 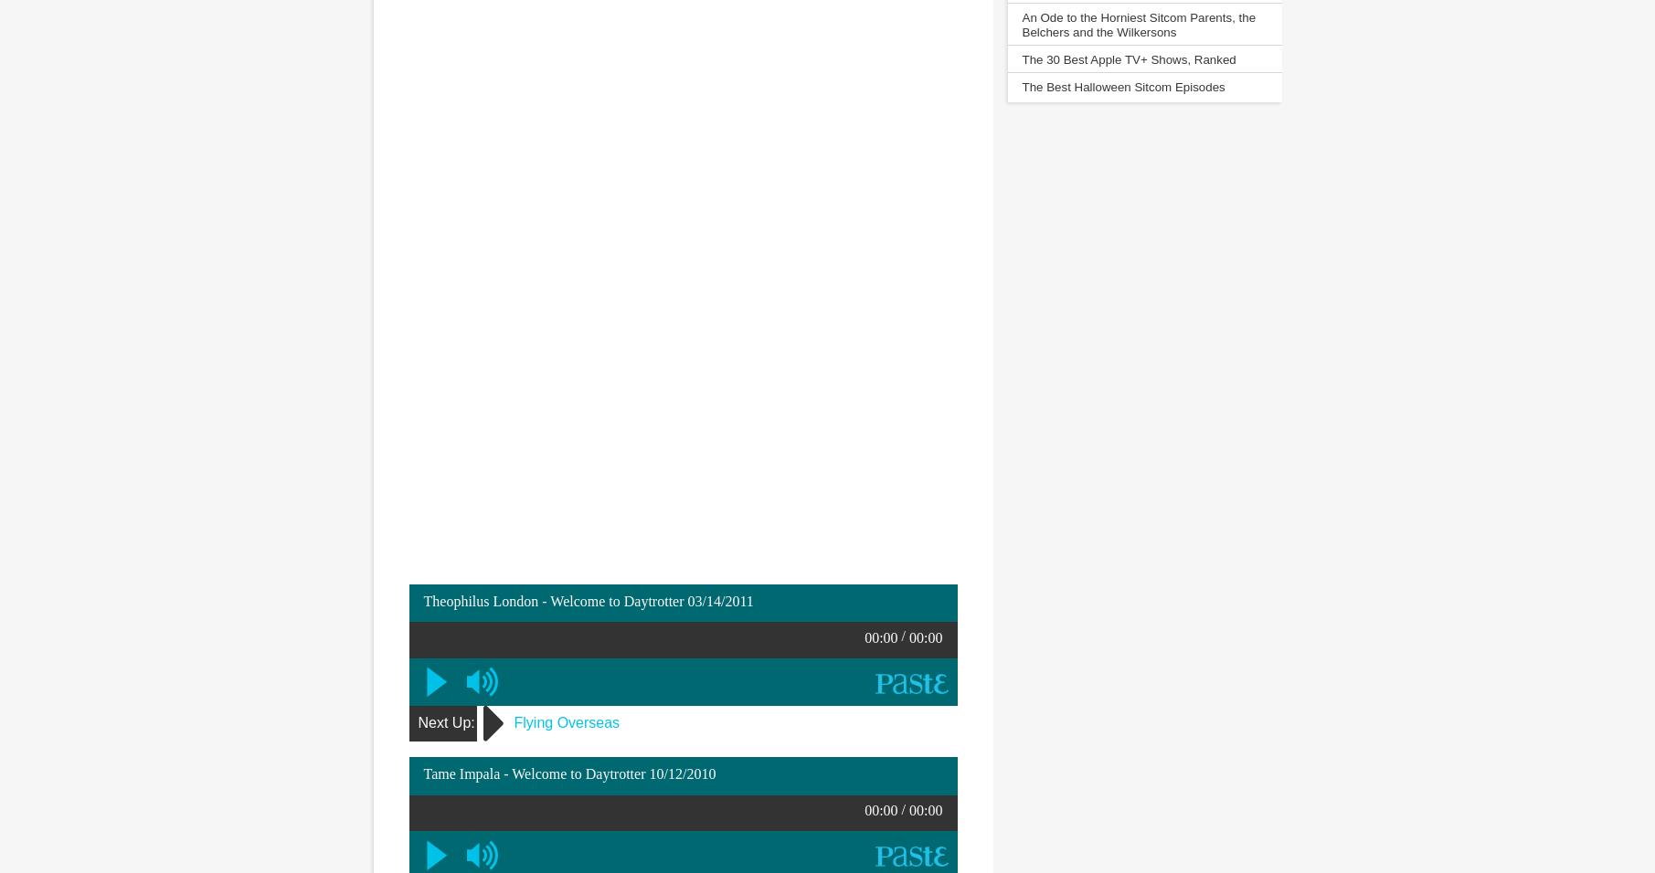 I want to click on 'Tame Impala - Welcome to Daytrotter', so click(x=535, y=773).